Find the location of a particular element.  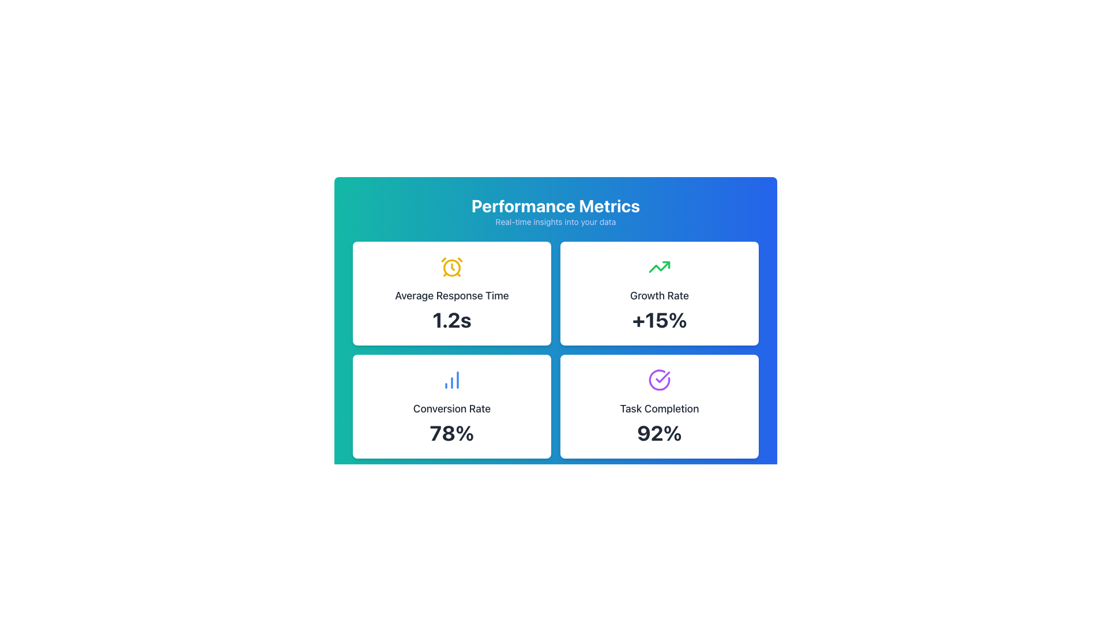

the performance metrics grid layout, which is centered on the page and located below the 'Performance Metrics' header is located at coordinates (556, 349).